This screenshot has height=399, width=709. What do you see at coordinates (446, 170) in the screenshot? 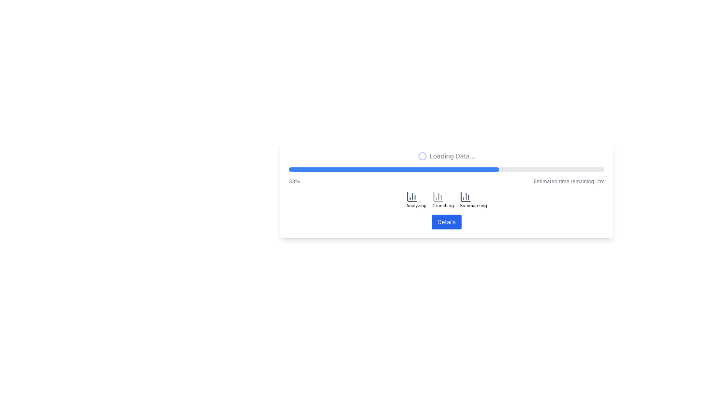
I see `the progress bar located centrally below the 'Loading Data...' label and above a row of icons and a button` at bounding box center [446, 170].